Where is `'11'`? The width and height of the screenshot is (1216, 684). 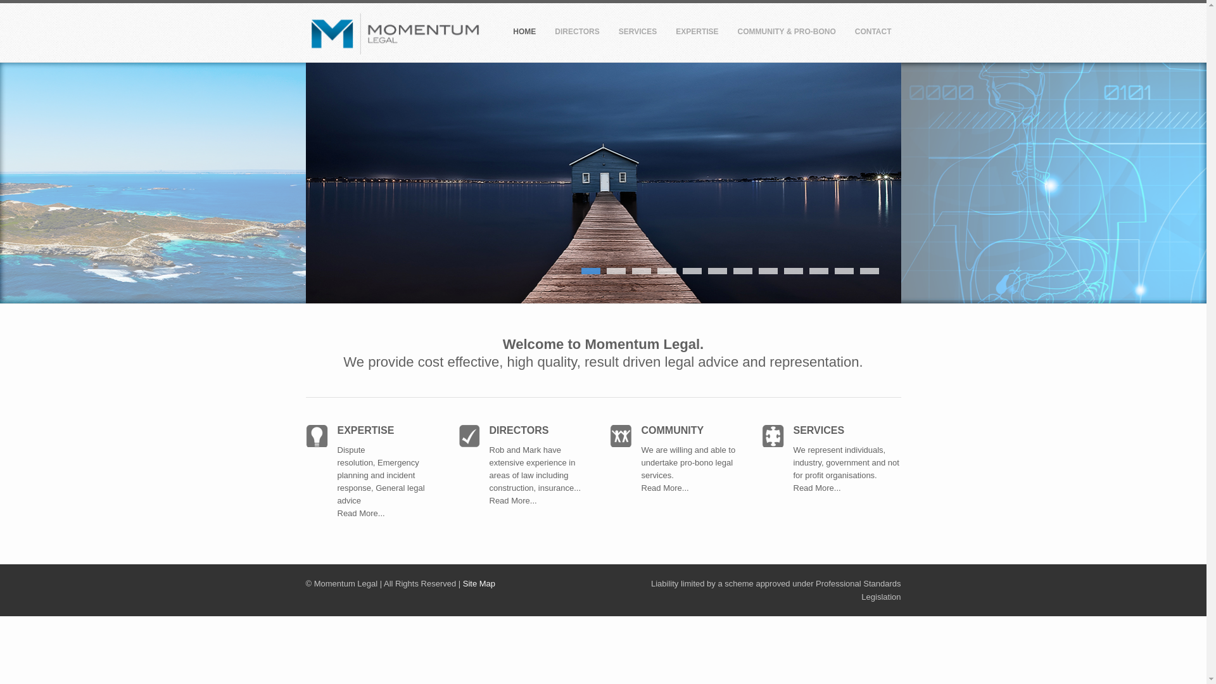 '11' is located at coordinates (835, 270).